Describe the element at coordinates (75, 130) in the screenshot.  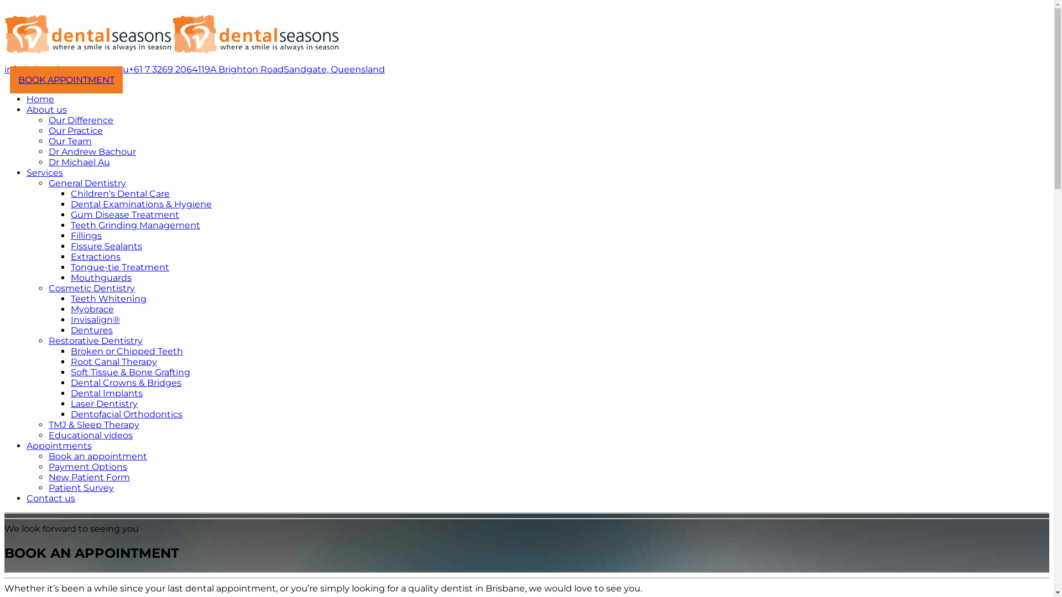
I see `'Our Practice'` at that location.